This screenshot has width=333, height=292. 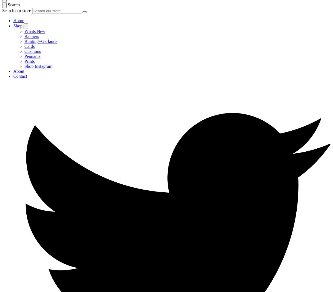 What do you see at coordinates (24, 51) in the screenshot?
I see `'Cushions'` at bounding box center [24, 51].